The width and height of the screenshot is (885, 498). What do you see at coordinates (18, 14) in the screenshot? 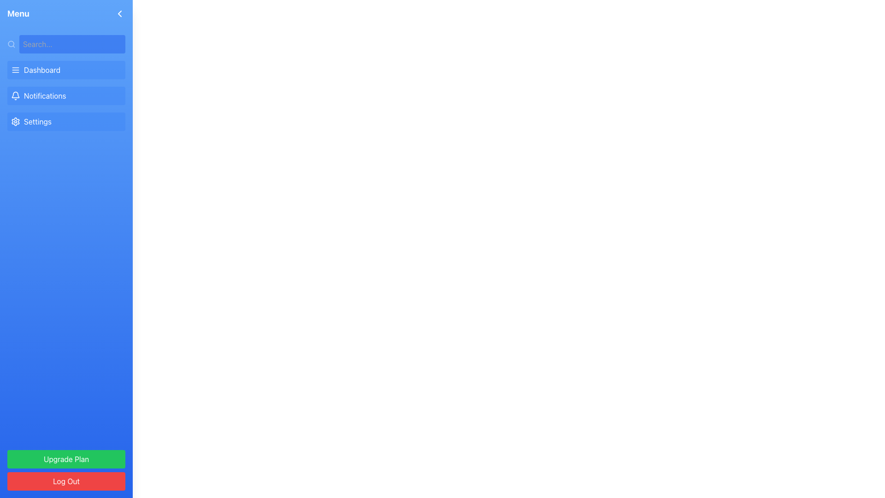
I see `the bold 'Menu' text label displayed in large white font against a blue gradient background, located near the top-left corner of the interface` at bounding box center [18, 14].